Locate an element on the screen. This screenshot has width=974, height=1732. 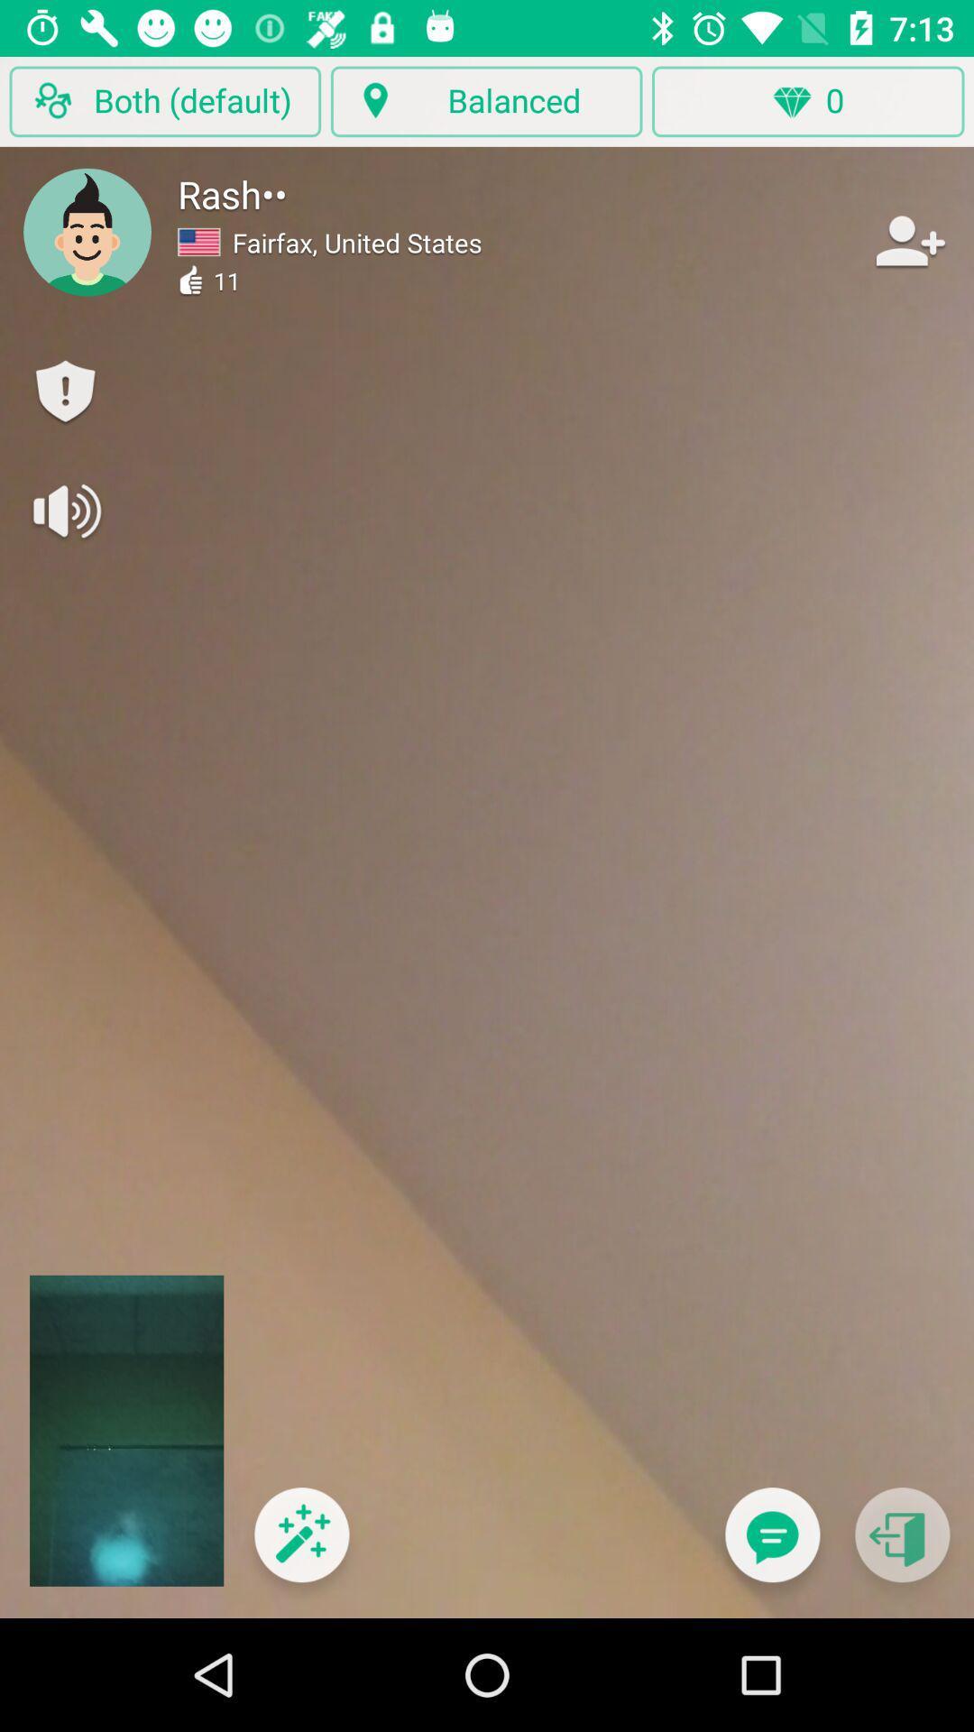
chat option is located at coordinates (771, 1545).